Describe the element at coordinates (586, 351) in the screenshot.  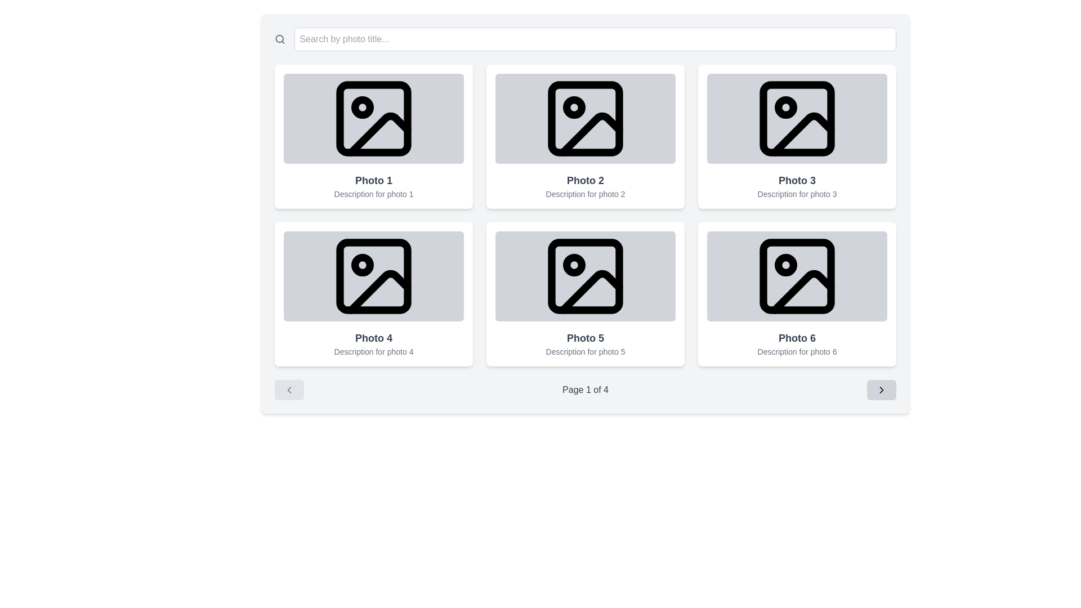
I see `the static text labeled 'Description for photo 5', which is styled in a small light gray font and positioned centrally below the 'Photo 5' title within its card` at that location.